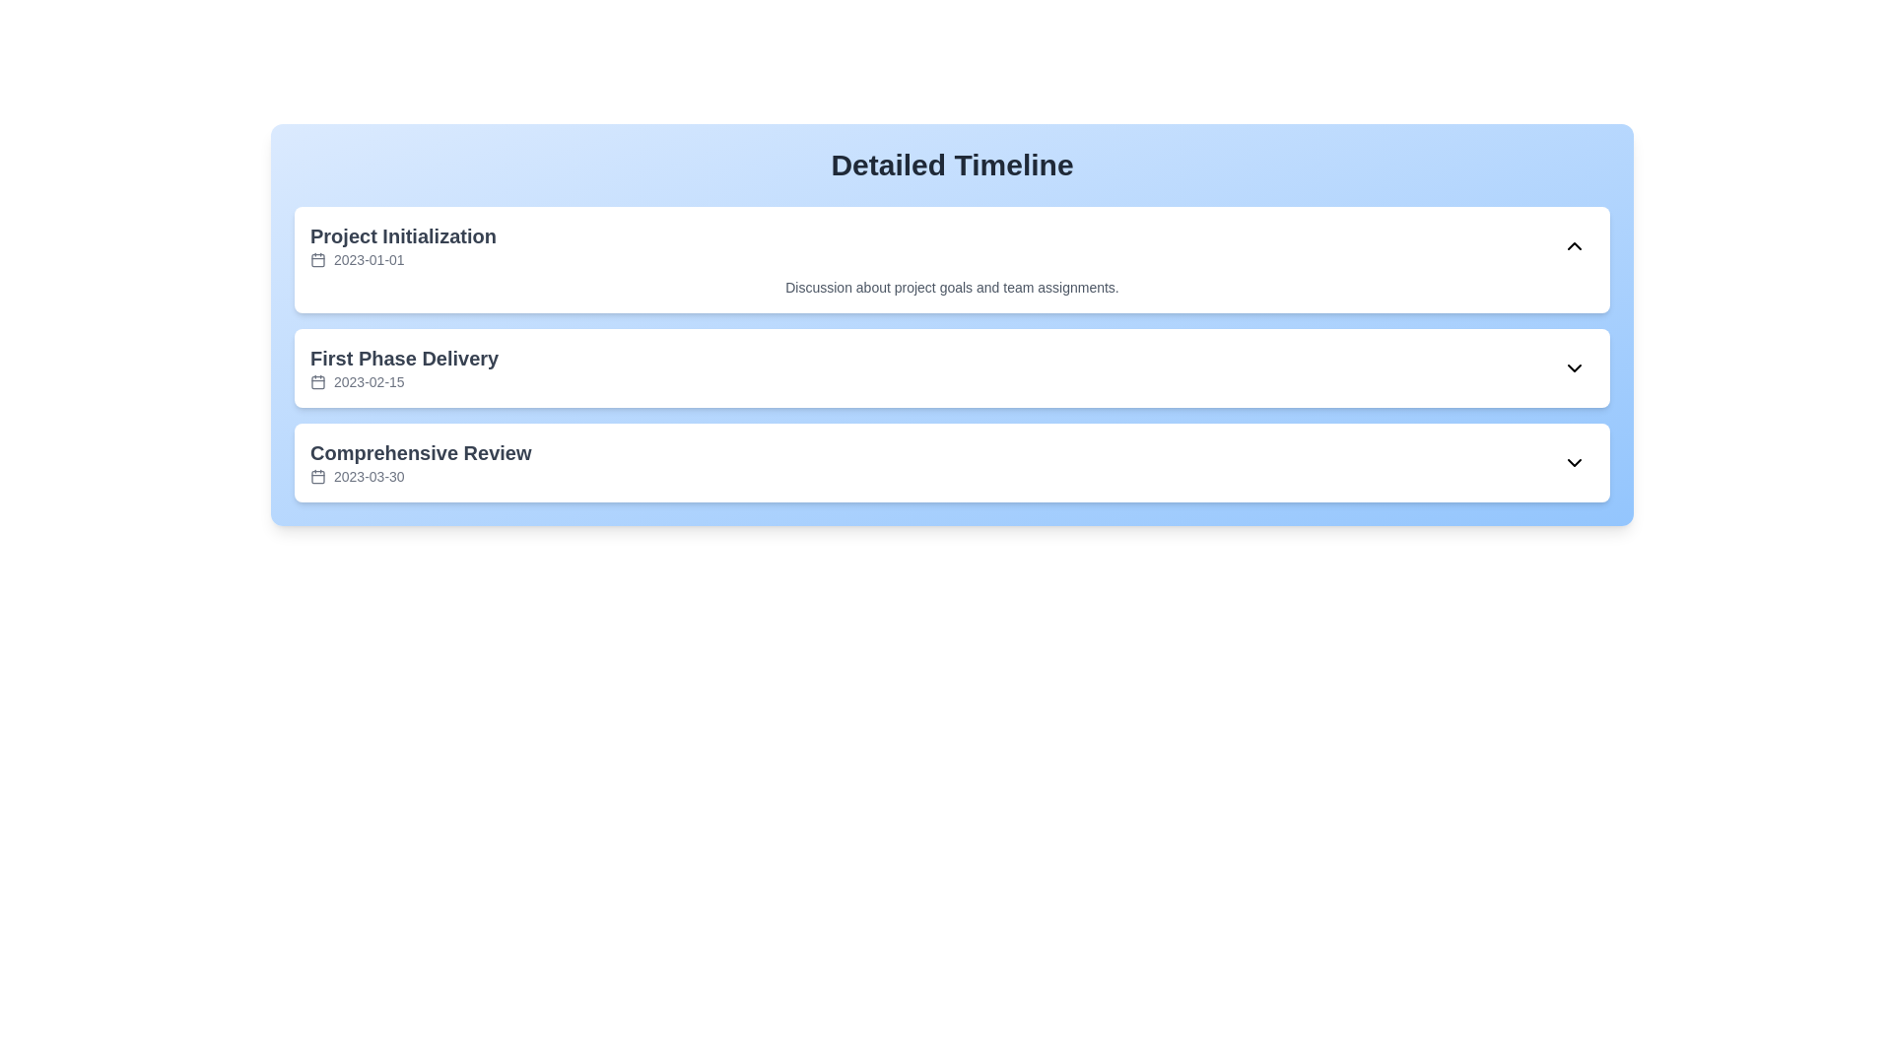  I want to click on the text label displaying 'First Phase Delivery', which is the main title of the second list entry in the vertically stacked timeline, so click(403, 358).